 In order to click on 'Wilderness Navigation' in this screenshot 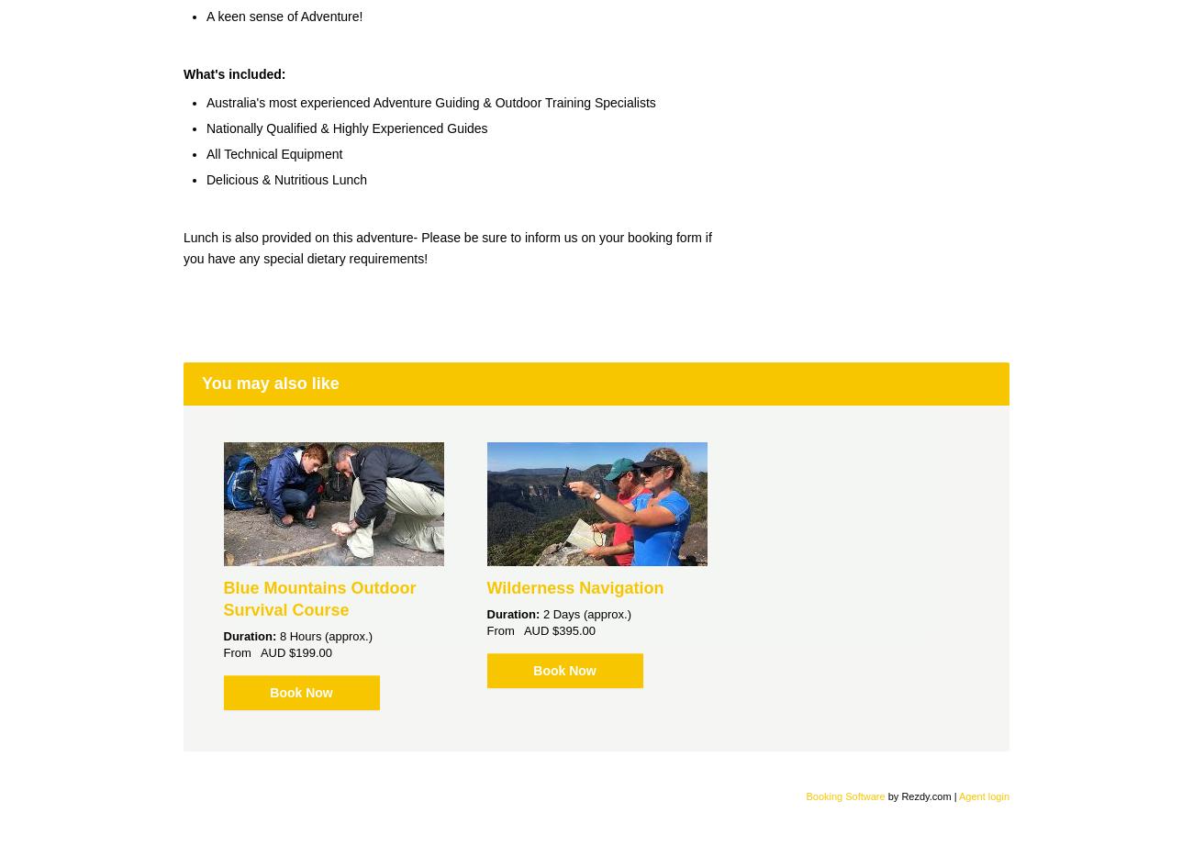, I will do `click(486, 586)`.